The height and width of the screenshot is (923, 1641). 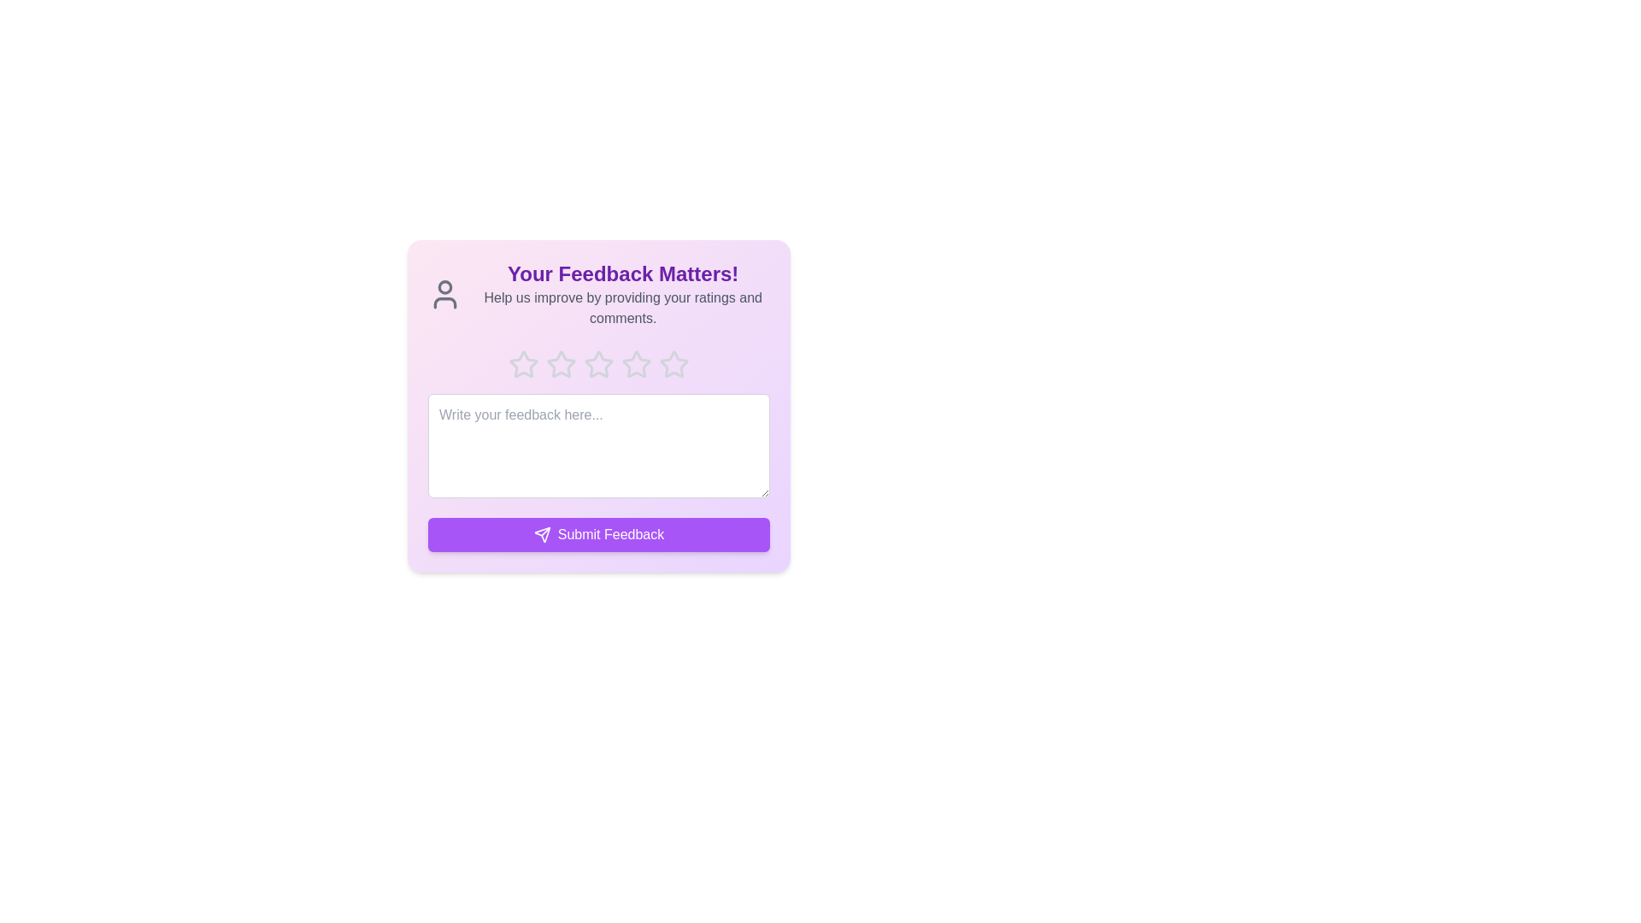 What do you see at coordinates (523, 364) in the screenshot?
I see `the star corresponding to the desired rating 1` at bounding box center [523, 364].